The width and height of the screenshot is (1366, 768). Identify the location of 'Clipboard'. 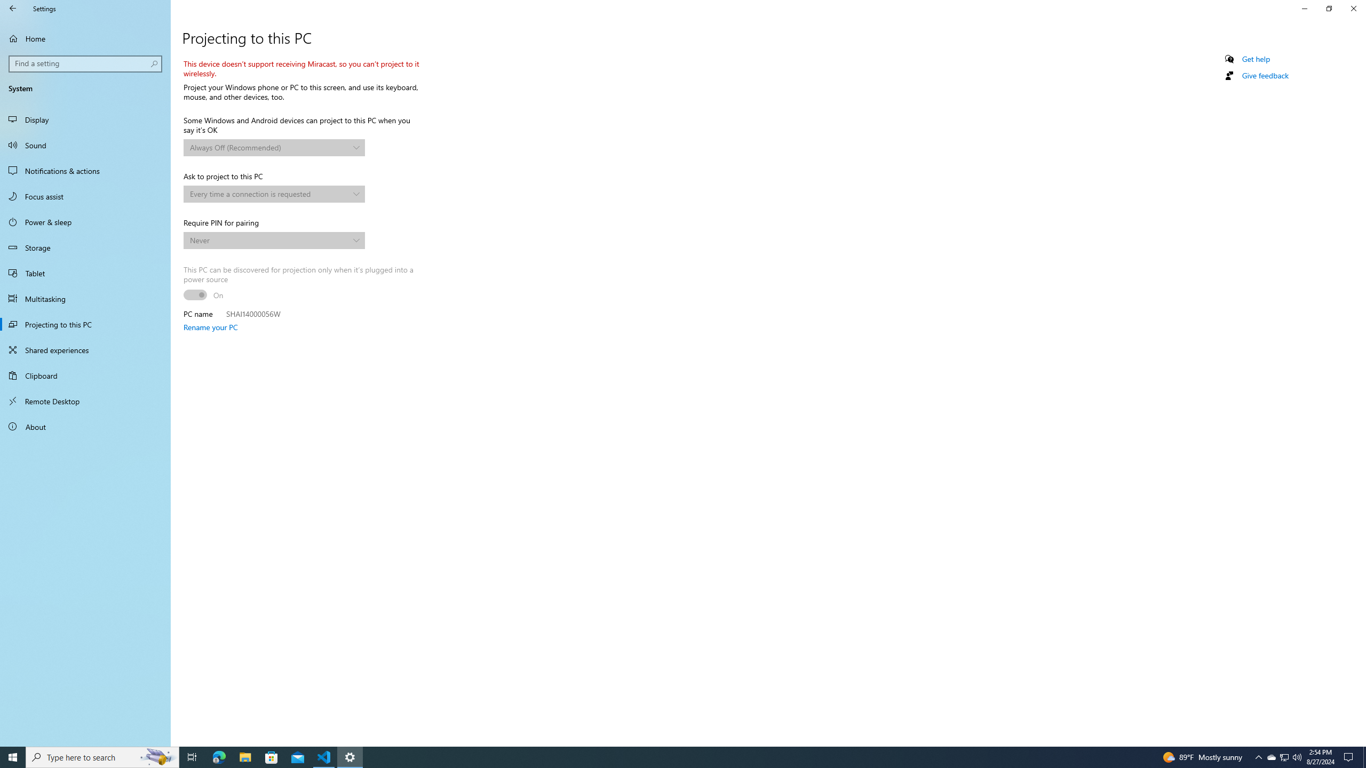
(85, 375).